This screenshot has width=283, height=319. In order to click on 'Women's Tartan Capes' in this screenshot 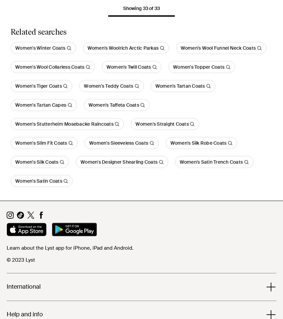, I will do `click(40, 105)`.